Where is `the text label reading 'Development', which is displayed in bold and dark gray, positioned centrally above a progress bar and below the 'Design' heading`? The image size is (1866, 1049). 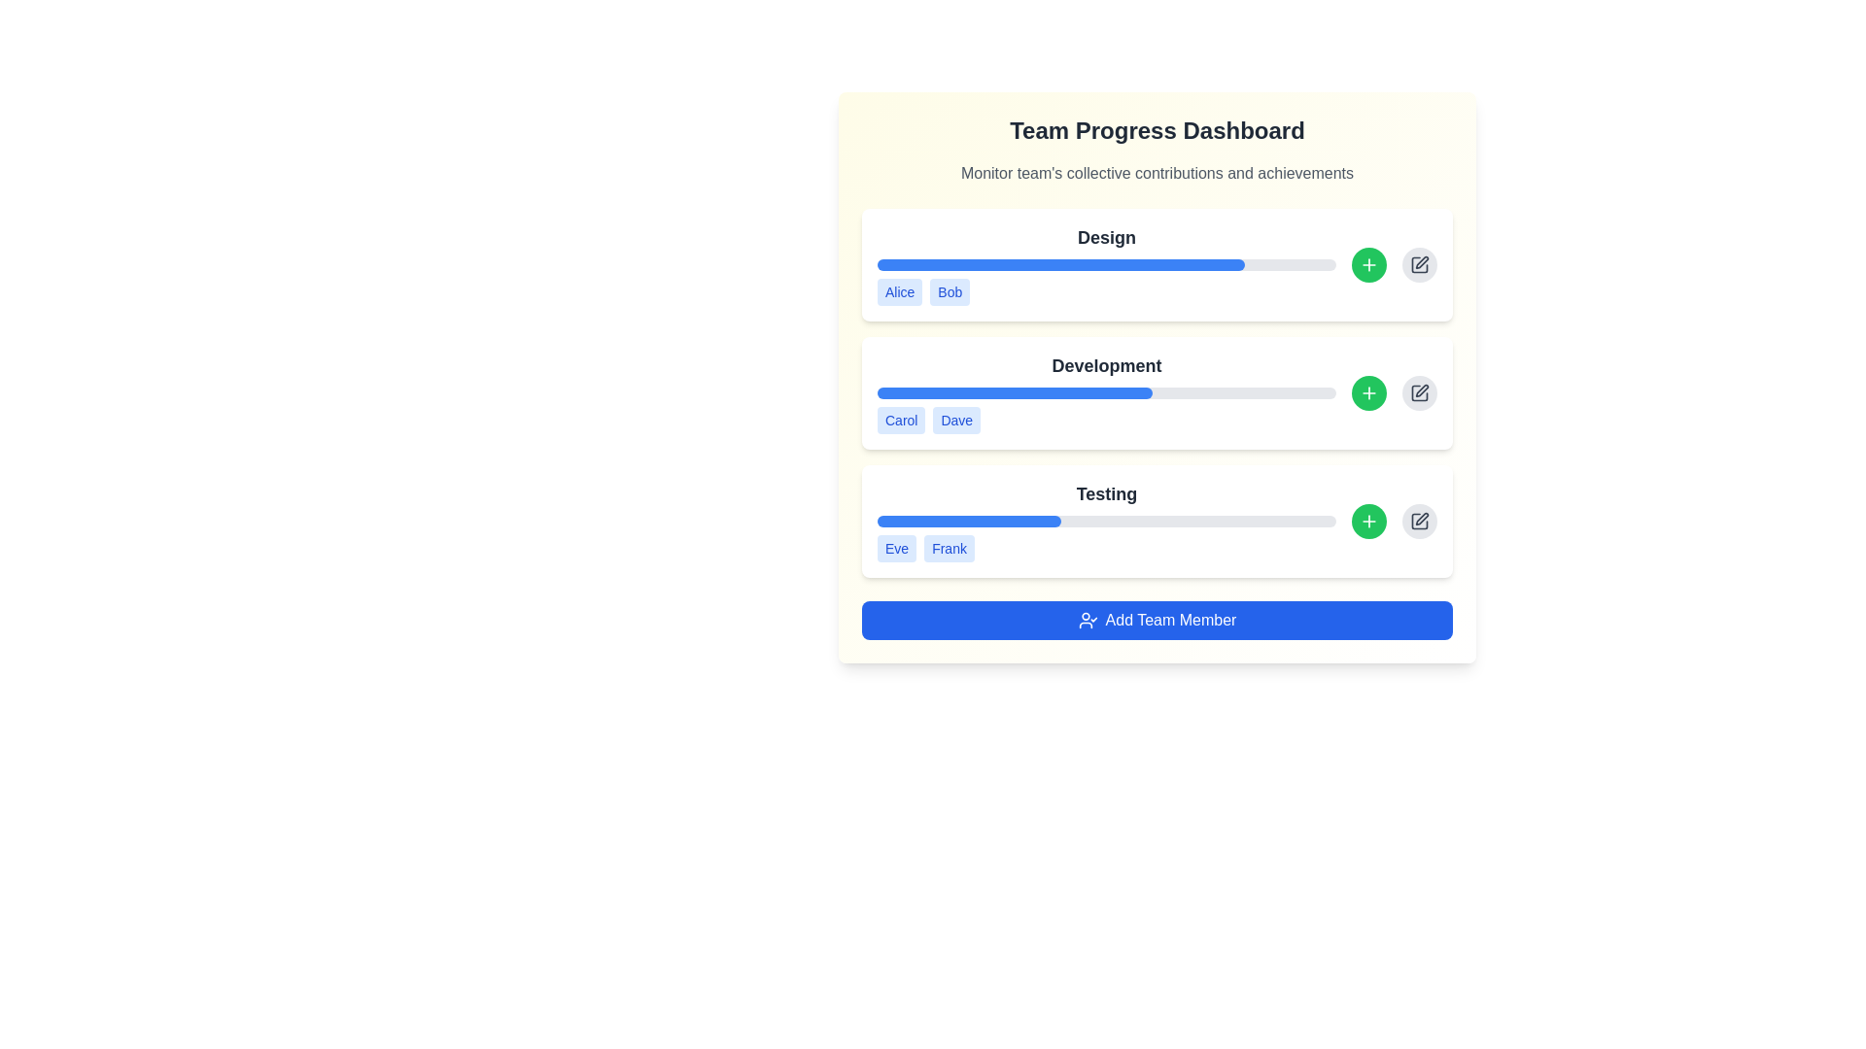 the text label reading 'Development', which is displayed in bold and dark gray, positioned centrally above a progress bar and below the 'Design' heading is located at coordinates (1106, 366).